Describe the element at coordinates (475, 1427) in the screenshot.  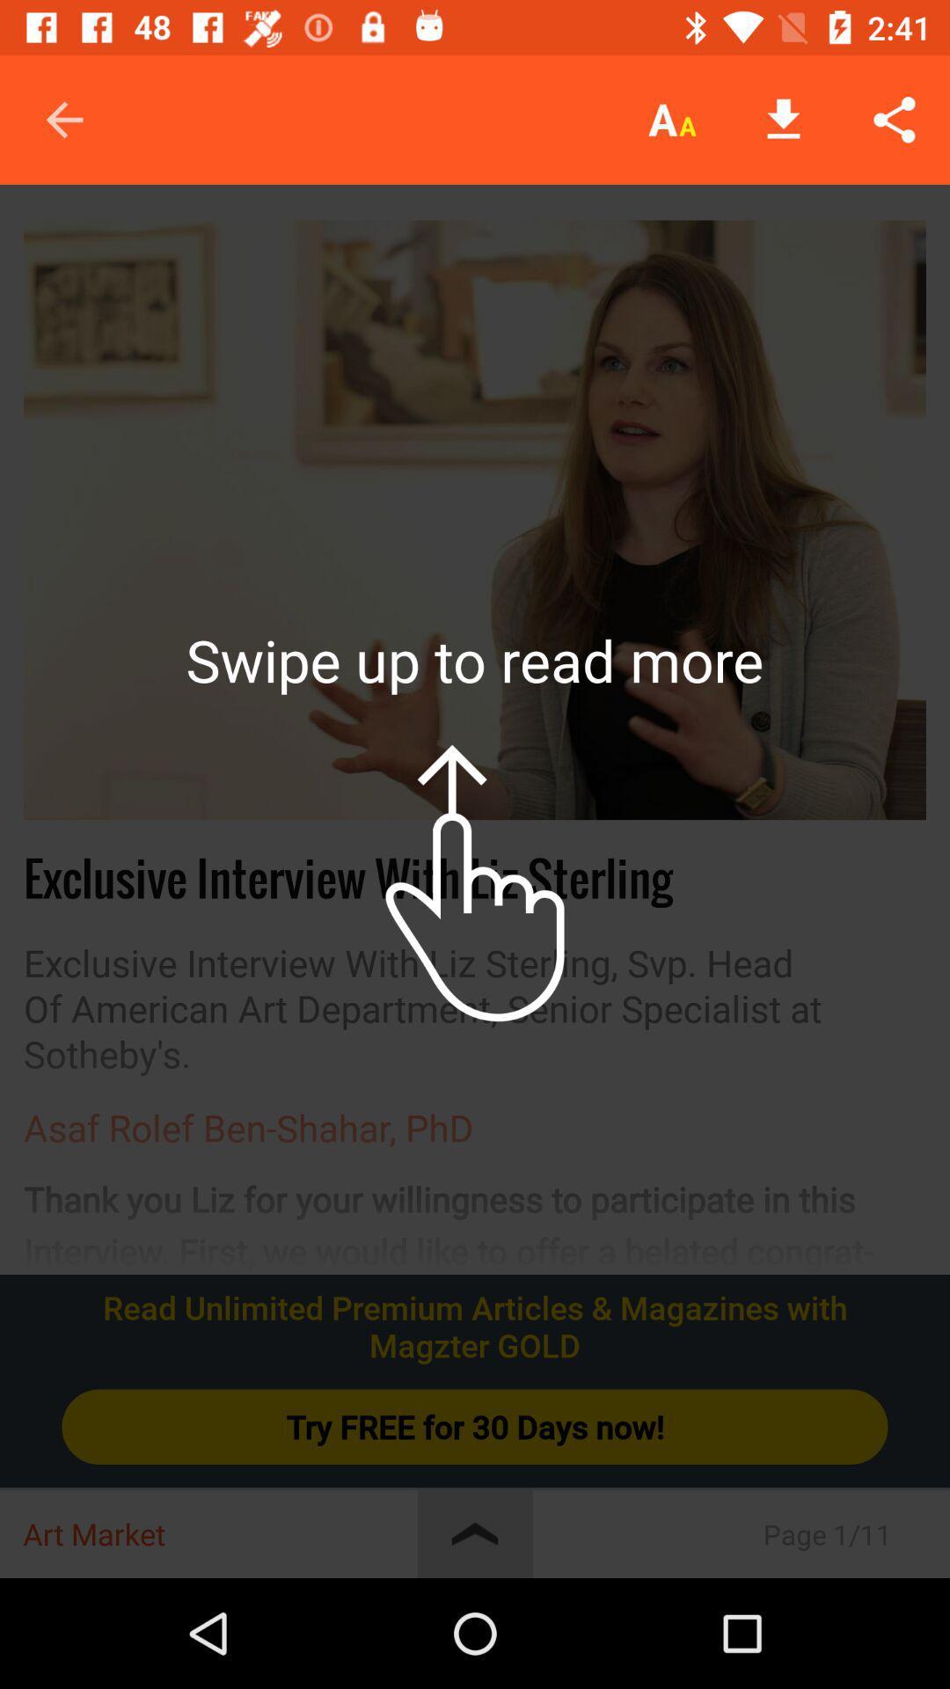
I see `the try free for item` at that location.